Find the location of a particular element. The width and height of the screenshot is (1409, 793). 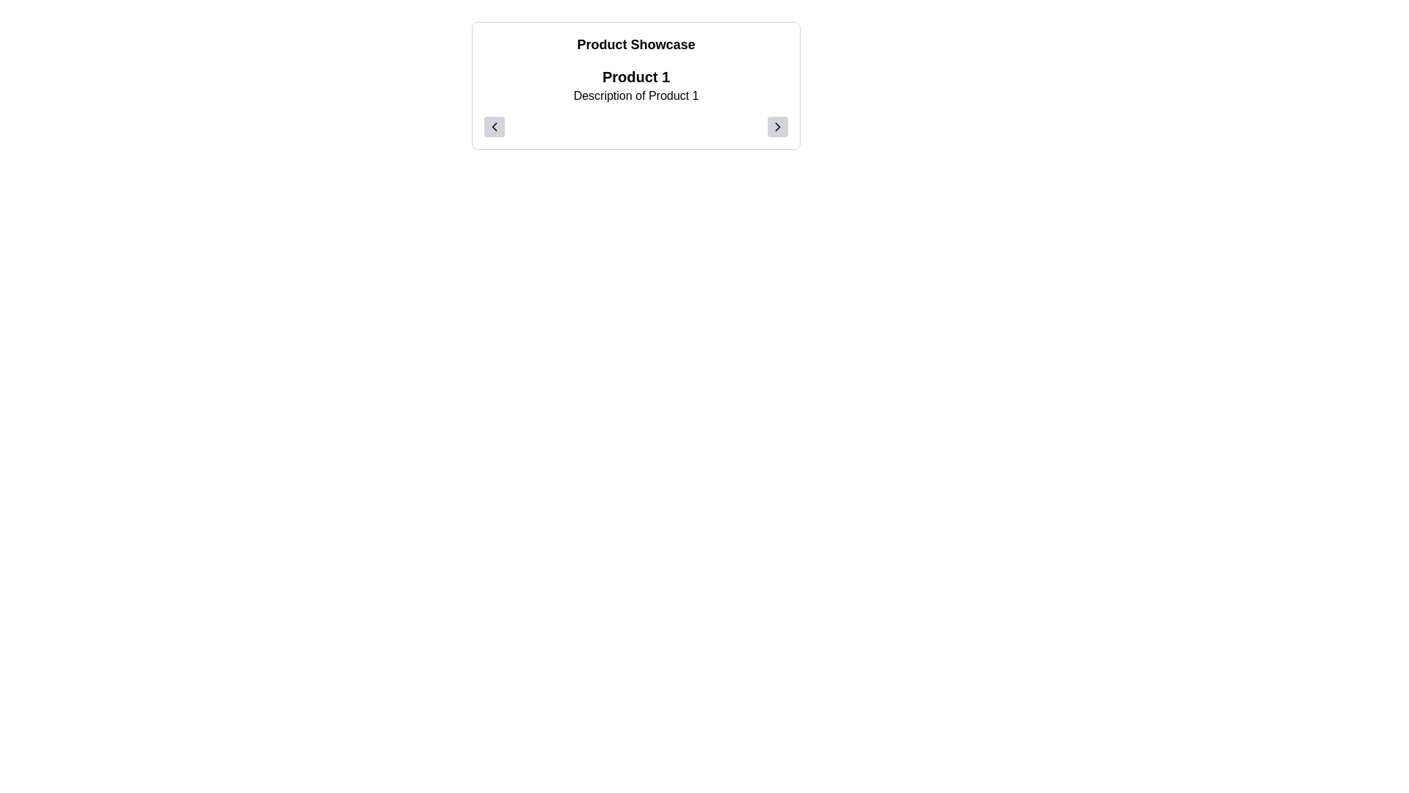

the chevron-shaped arrow icon pointing to the right, which is located inside the right-hand navigation button of the product showcase component is located at coordinates (777, 126).